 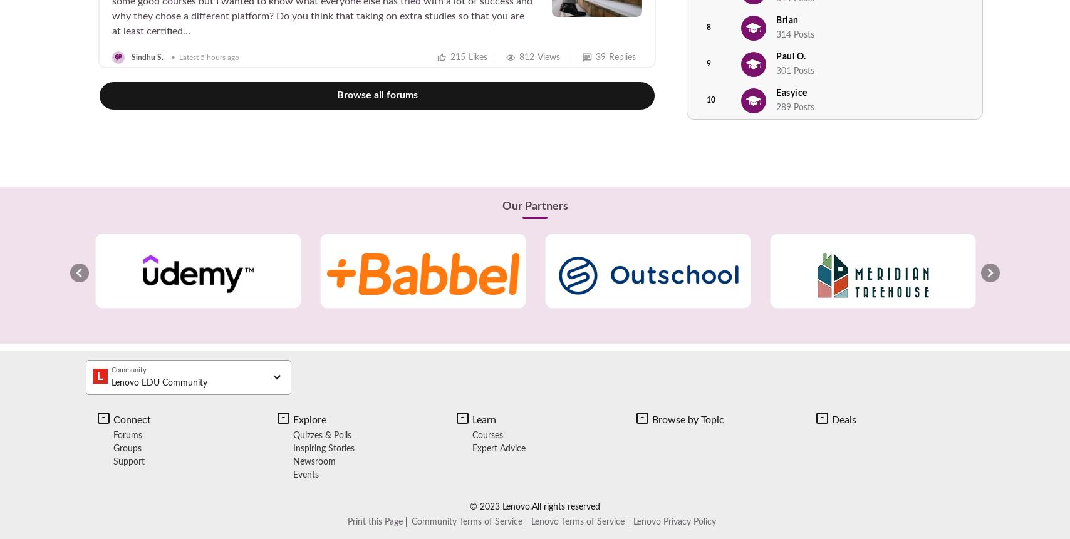 What do you see at coordinates (709, 63) in the screenshot?
I see `'9'` at bounding box center [709, 63].